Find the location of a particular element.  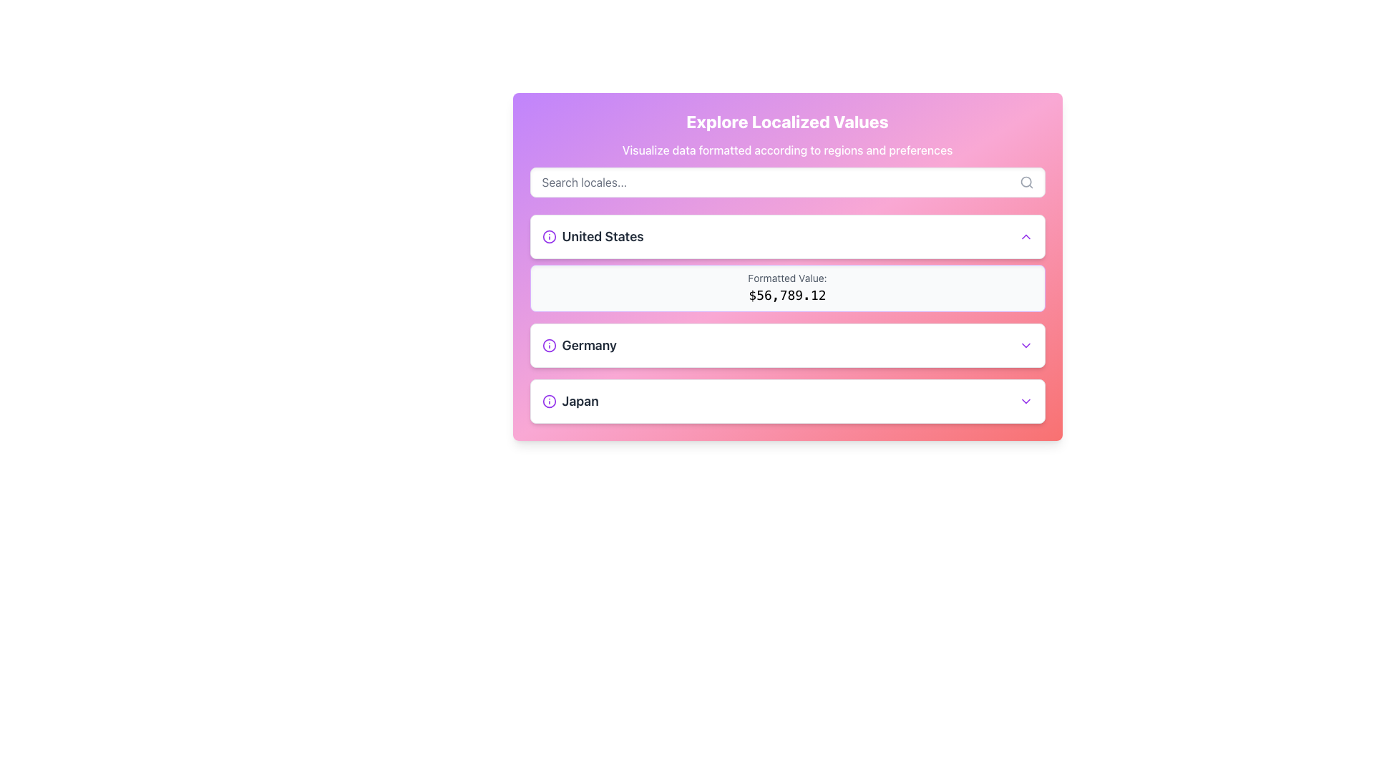

the text label identifying 'Germany', which is located in the third row of the main user interface section, next to the purple icon is located at coordinates (589, 345).